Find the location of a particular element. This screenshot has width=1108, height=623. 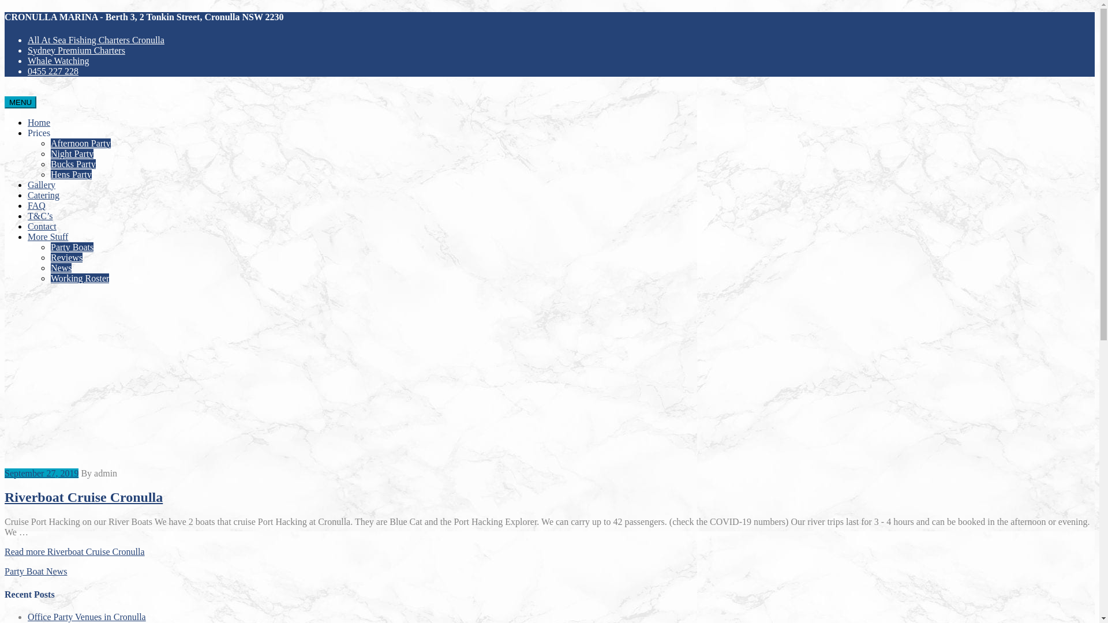

'Riverboat Cruise Cronulla' is located at coordinates (5, 496).